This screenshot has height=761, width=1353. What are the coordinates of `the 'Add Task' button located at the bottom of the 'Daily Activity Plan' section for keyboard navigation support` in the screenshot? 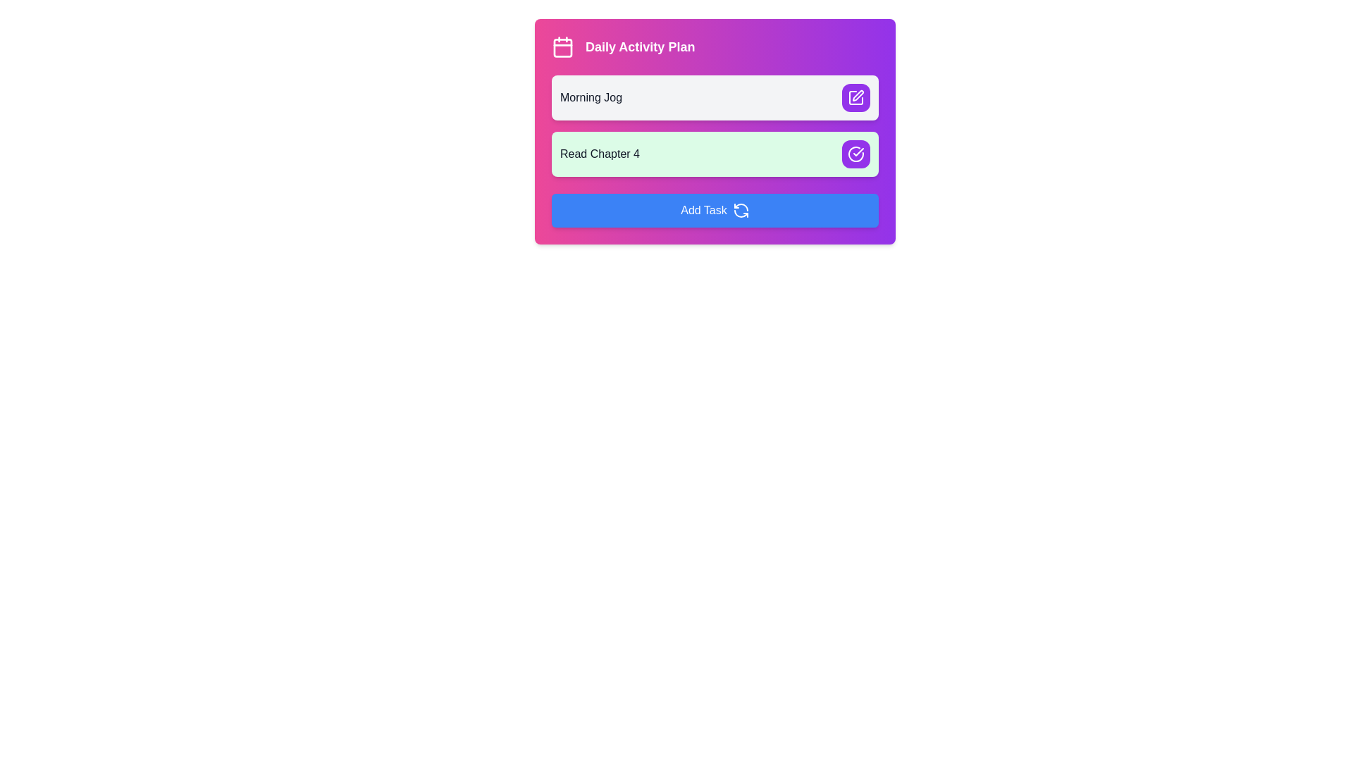 It's located at (715, 211).